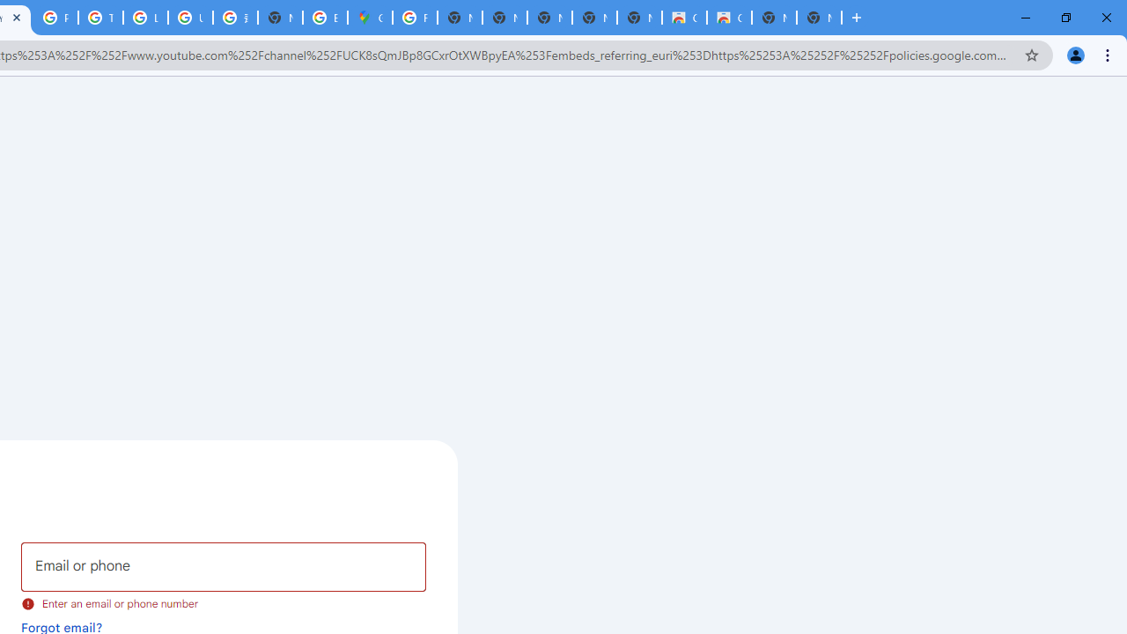  I want to click on 'Email or phone', so click(223, 566).